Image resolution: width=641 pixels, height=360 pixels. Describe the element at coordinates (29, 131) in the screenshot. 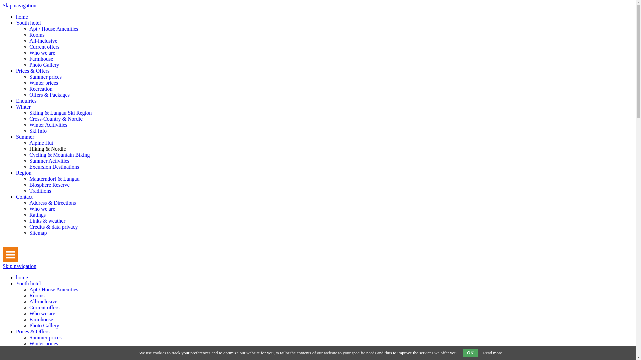

I see `'Ski Info'` at that location.